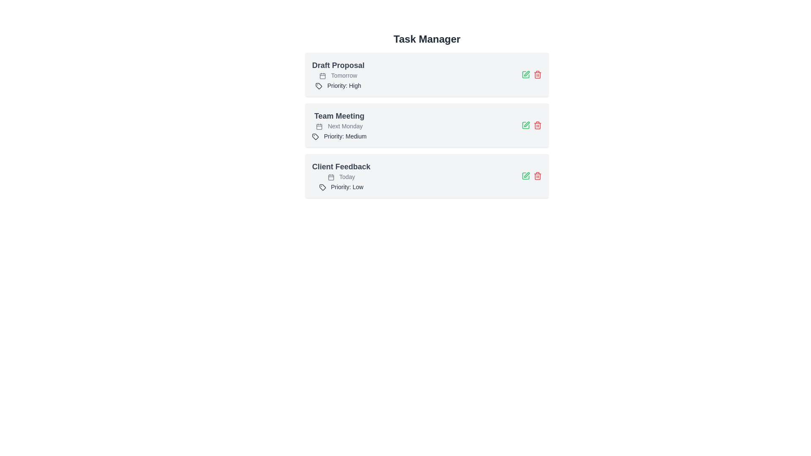 The height and width of the screenshot is (456, 811). I want to click on the decorative shape within the SVG calendar icon, which is located towards the left-middle section of the icon, below the top marker lines, so click(319, 127).